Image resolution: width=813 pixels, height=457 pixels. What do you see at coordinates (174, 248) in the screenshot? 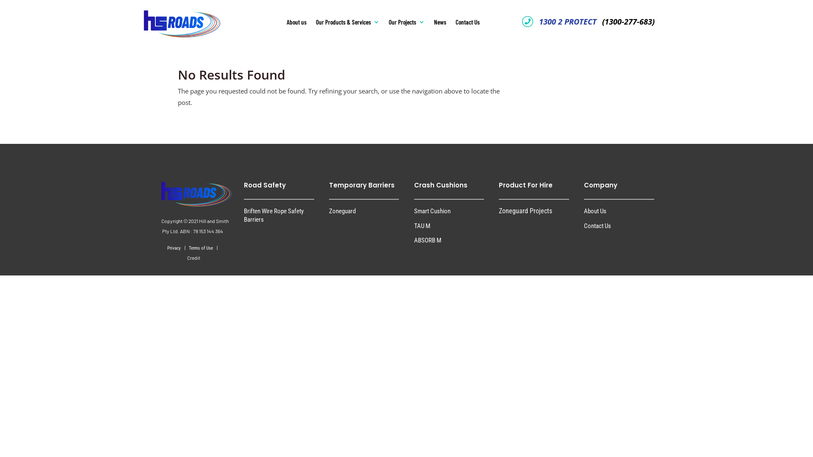
I see `'Privacy'` at bounding box center [174, 248].